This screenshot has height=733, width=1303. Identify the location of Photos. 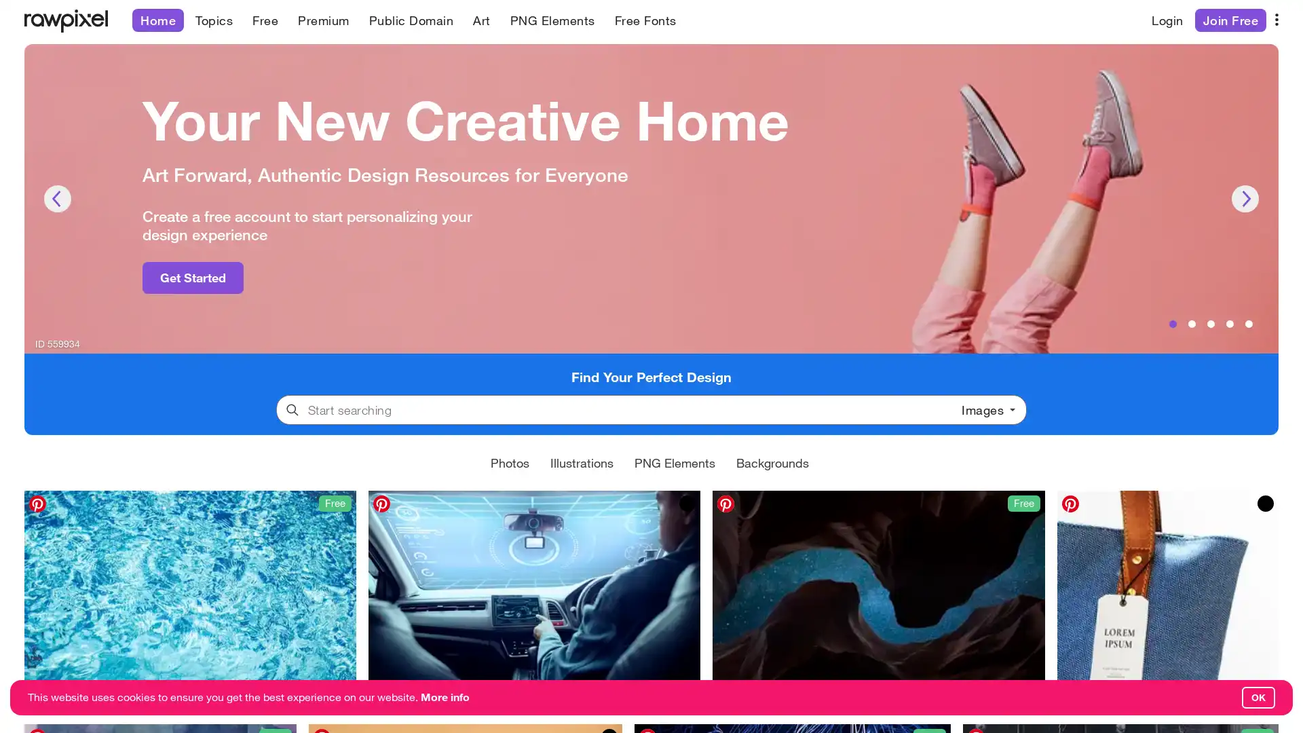
(509, 462).